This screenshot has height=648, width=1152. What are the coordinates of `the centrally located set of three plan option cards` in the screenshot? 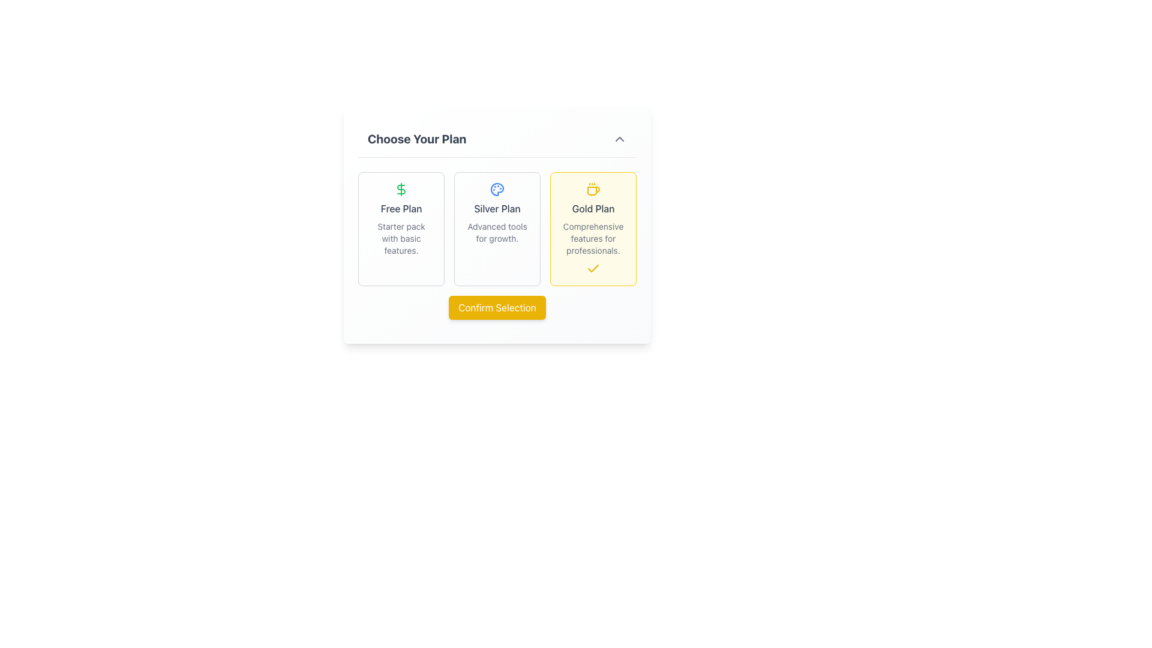 It's located at (497, 222).